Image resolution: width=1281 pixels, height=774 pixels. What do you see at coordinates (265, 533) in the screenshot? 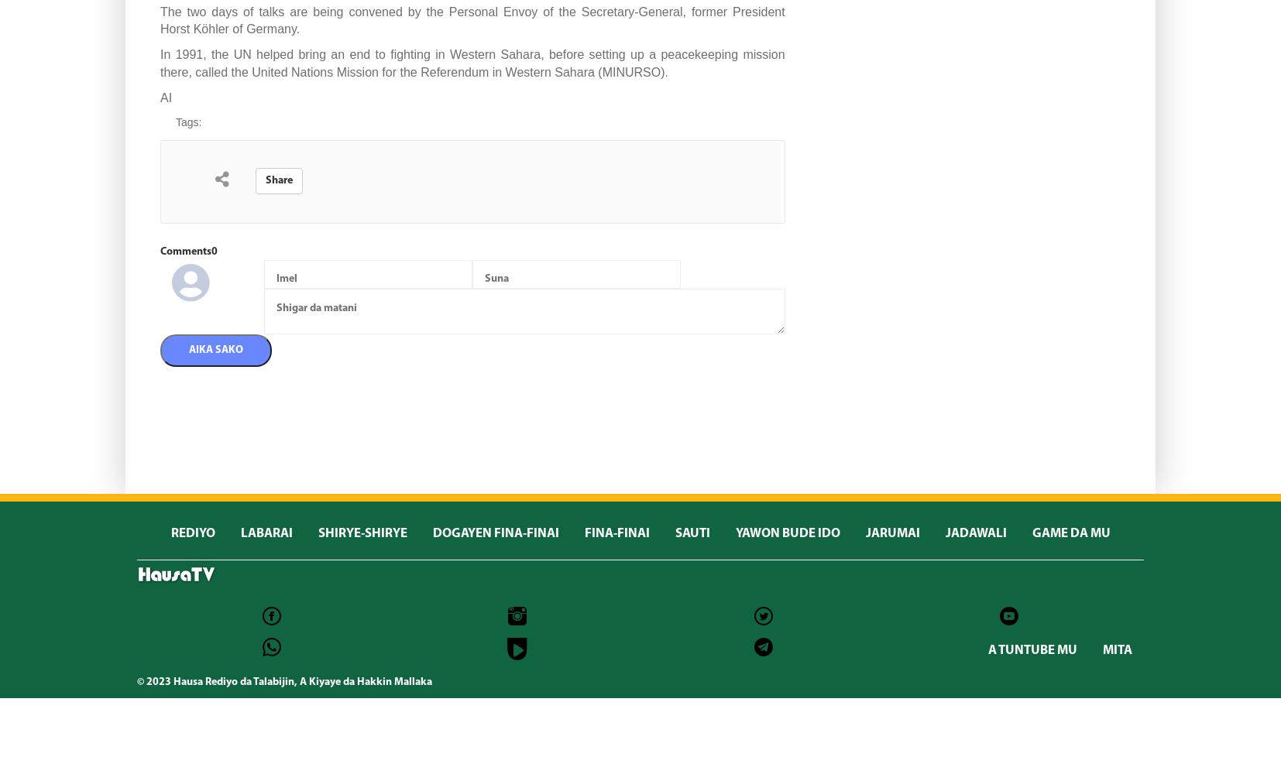
I see `'LABARAI'` at bounding box center [265, 533].